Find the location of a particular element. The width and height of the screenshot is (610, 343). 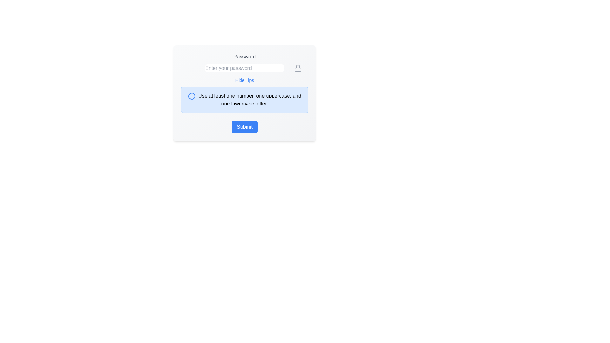

the Guidance Panel that displays a suggestion with a light blue background and an information icon, which advises to 'Use at least one number, one uppercase, and one lowercase letter.' is located at coordinates (244, 93).